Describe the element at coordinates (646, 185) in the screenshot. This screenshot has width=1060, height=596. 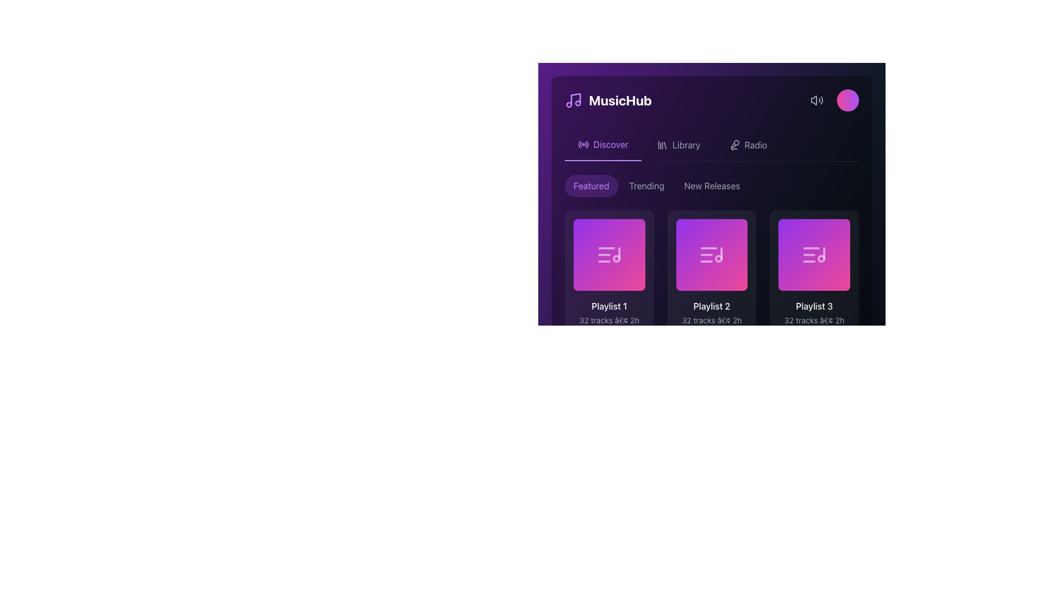
I see `the 'Trending' button, which is the second button in a horizontal group of capsule-shaped buttons titled 'Featured', 'Trending', and 'New Releases', located near the top center of the interface` at that location.